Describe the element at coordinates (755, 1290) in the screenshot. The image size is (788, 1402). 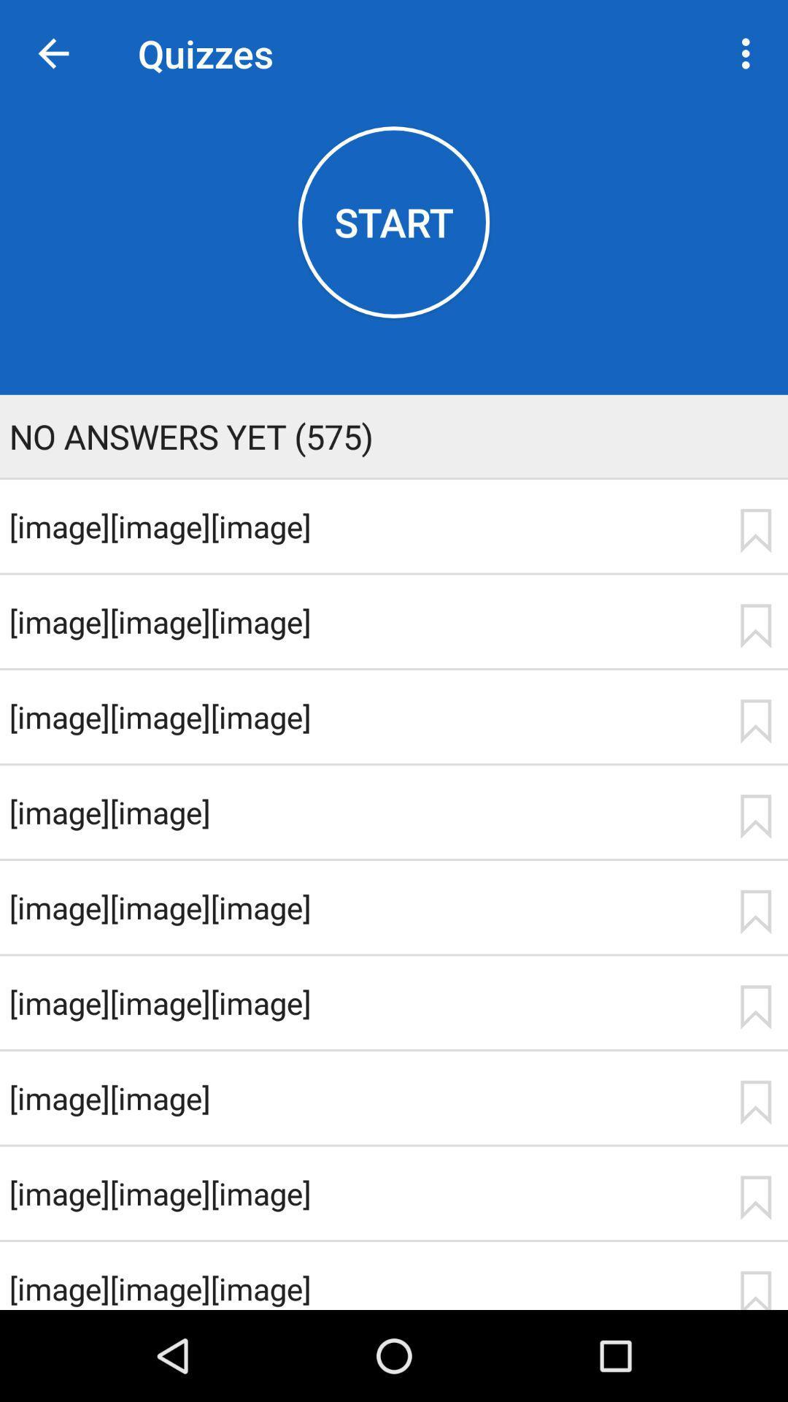
I see `item next to the [image][image][image] icon` at that location.